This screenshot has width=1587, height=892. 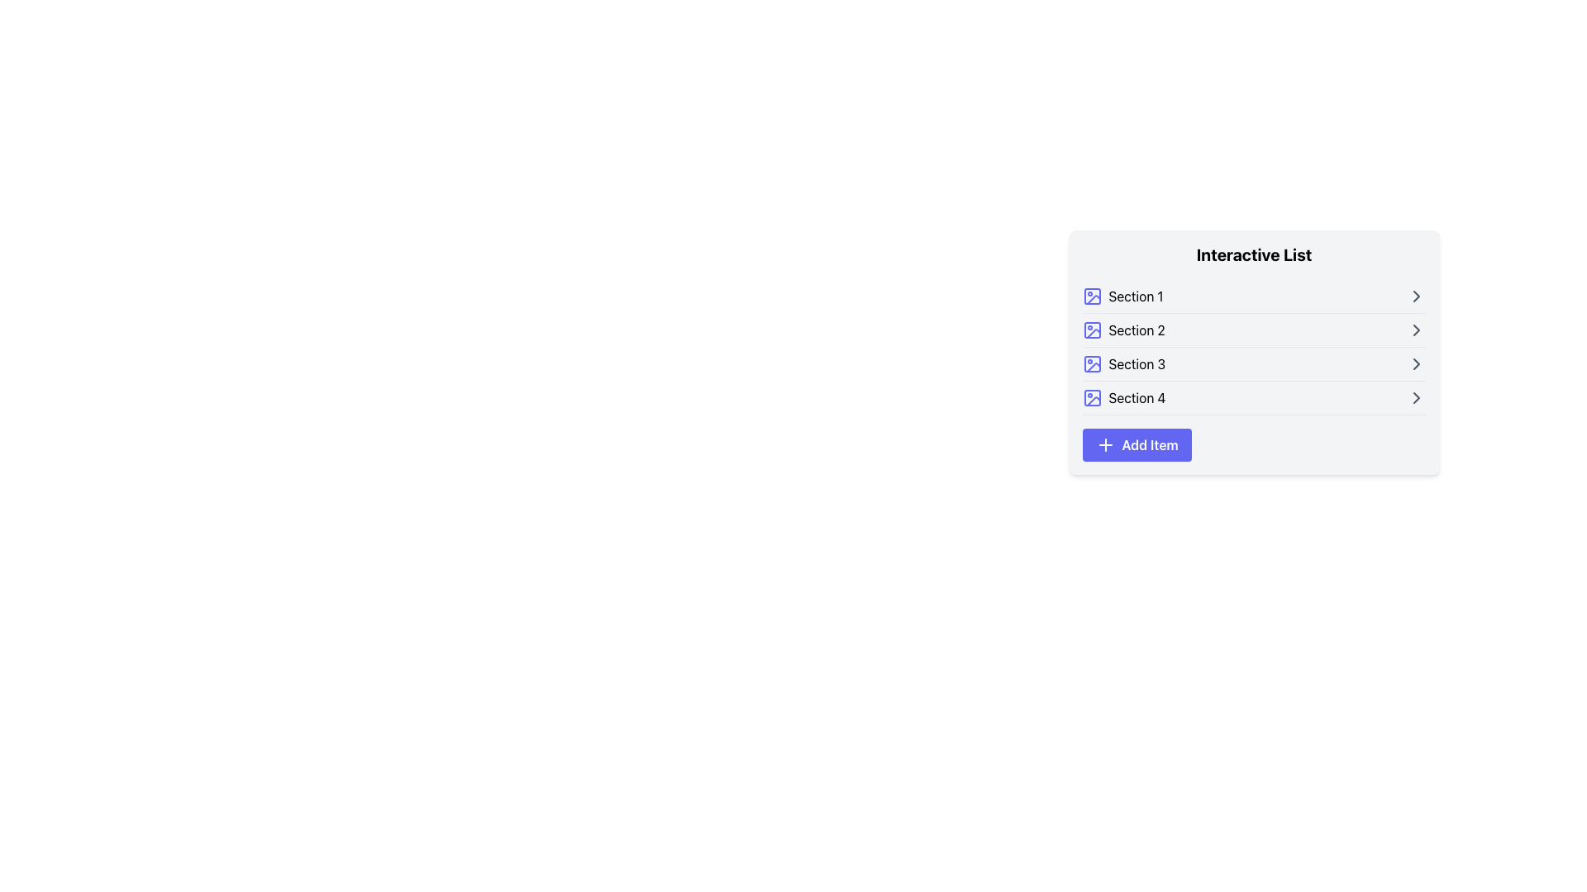 I want to click on the text label that identifies the third entry in the 'Interactive List', positioned between 'Section 2' and 'Section 4', so click(x=1136, y=363).